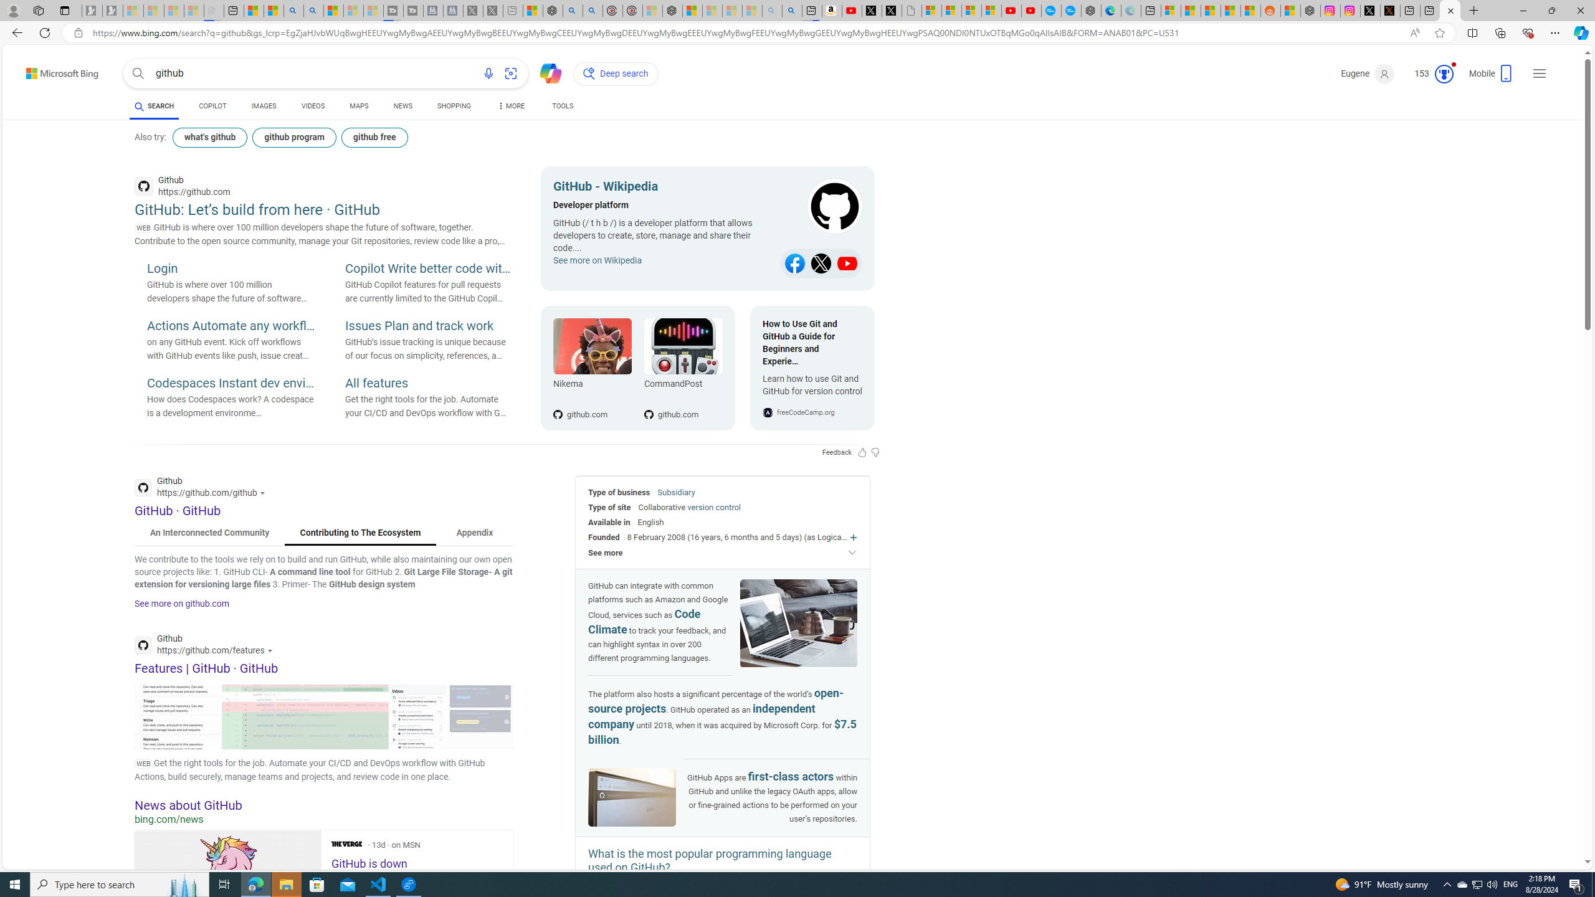 The width and height of the screenshot is (1595, 897). I want to click on 'SEARCH', so click(153, 105).